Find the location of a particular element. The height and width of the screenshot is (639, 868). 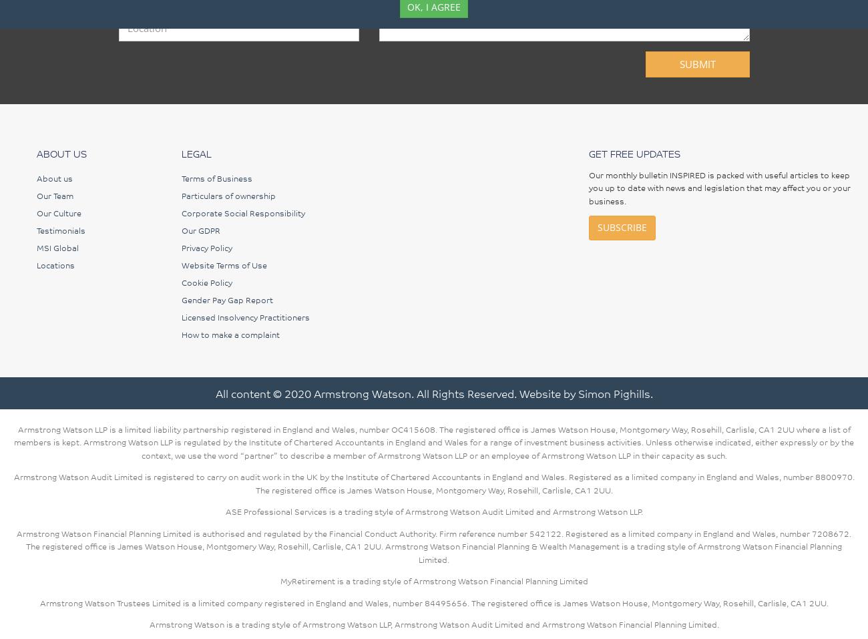

'Our Team' is located at coordinates (55, 194).